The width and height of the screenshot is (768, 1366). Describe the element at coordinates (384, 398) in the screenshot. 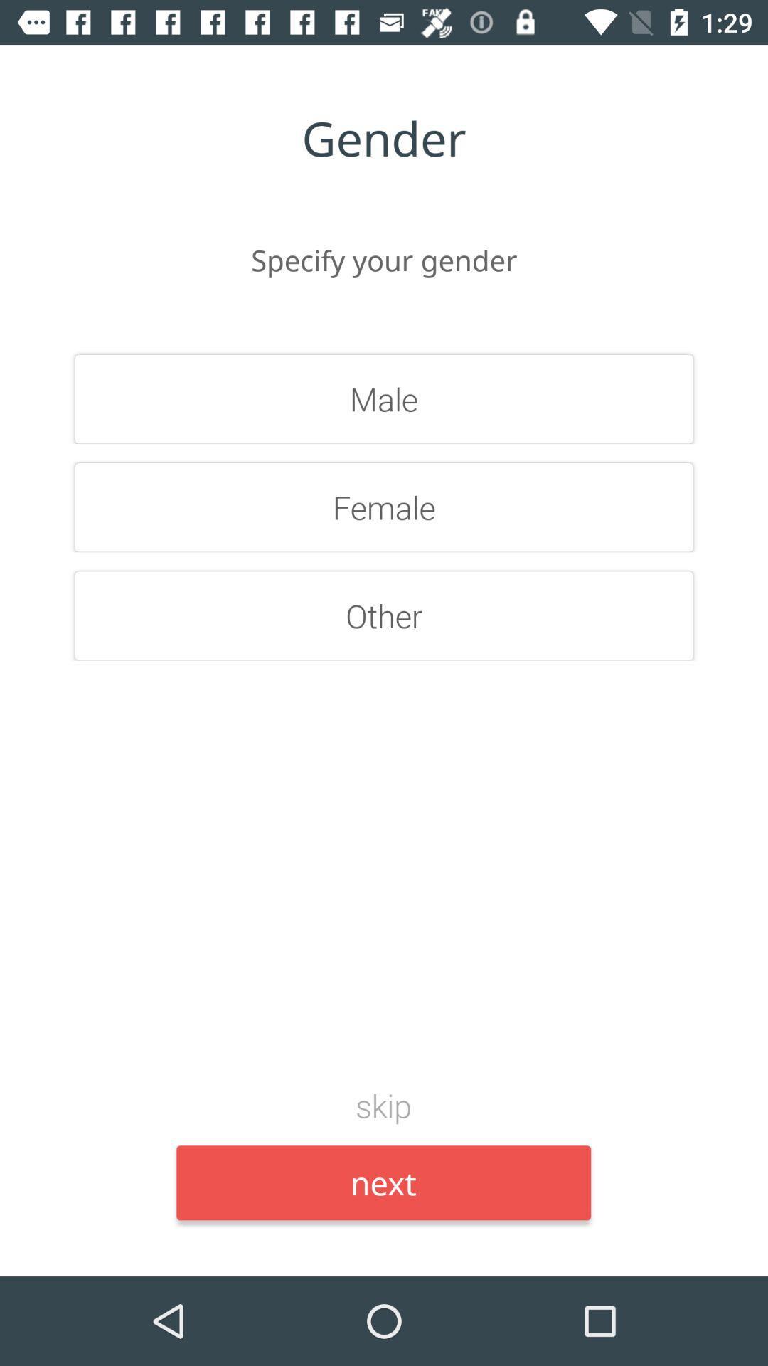

I see `the item above female icon` at that location.